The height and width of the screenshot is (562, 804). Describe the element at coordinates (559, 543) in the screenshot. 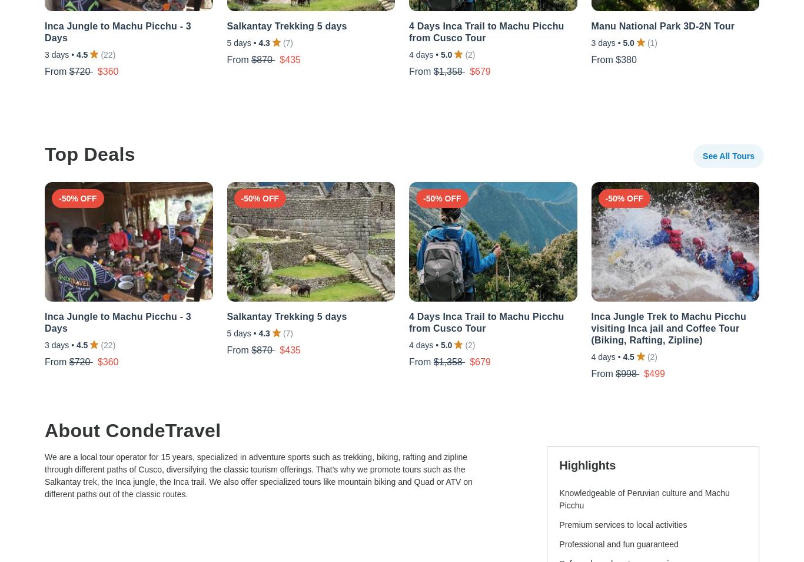

I see `'Professional and fun guaranteed'` at that location.